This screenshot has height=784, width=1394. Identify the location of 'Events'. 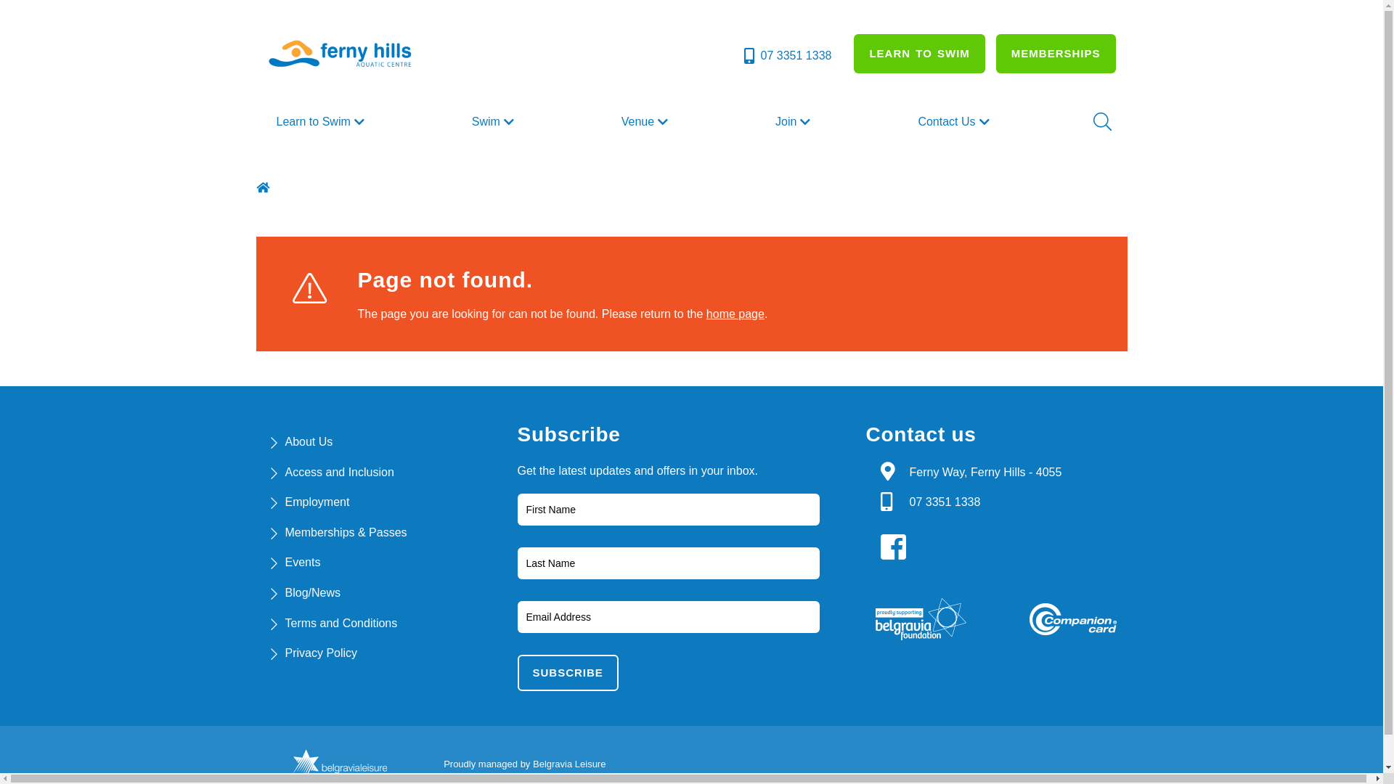
(301, 561).